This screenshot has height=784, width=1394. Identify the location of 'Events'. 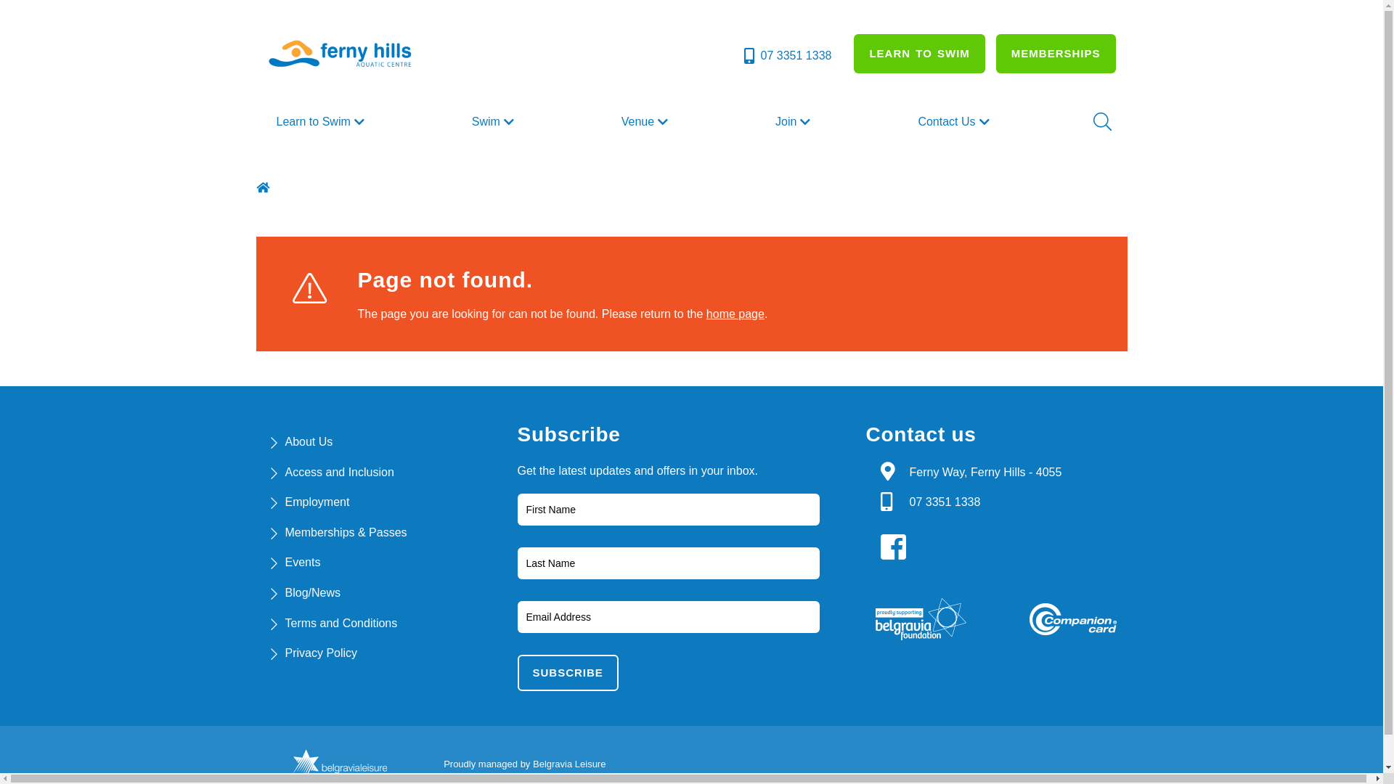
(301, 561).